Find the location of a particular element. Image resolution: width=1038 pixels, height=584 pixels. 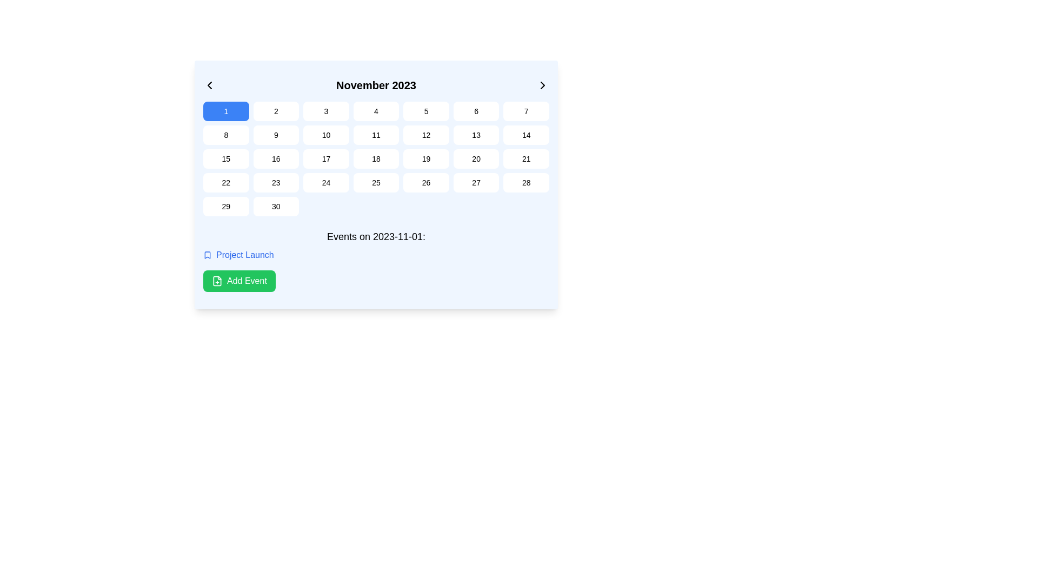

the button labeled '9' which is styled as a rounded rectangle with a white background, positioned in the second row and fifth column of the numeric button grid under 'November 2023' is located at coordinates (276, 135).